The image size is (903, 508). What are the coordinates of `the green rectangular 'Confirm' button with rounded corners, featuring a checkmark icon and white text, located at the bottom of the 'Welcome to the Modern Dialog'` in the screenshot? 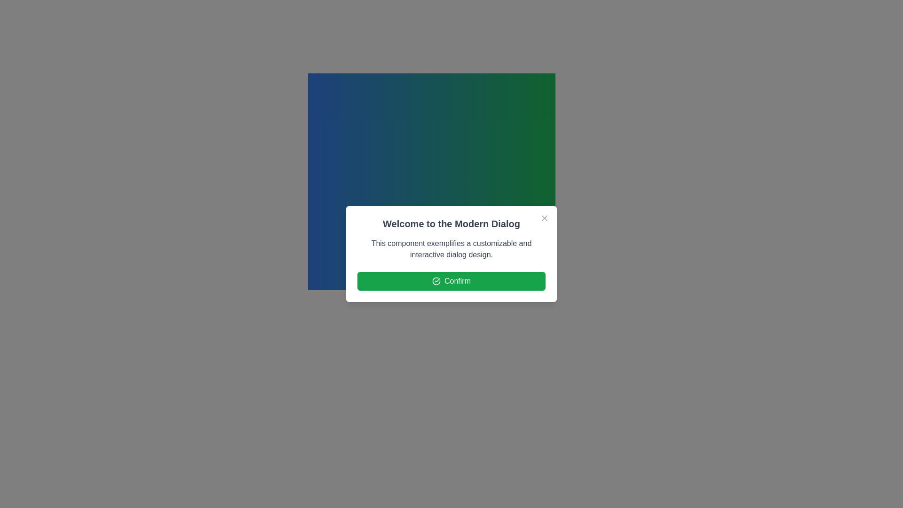 It's located at (451, 280).